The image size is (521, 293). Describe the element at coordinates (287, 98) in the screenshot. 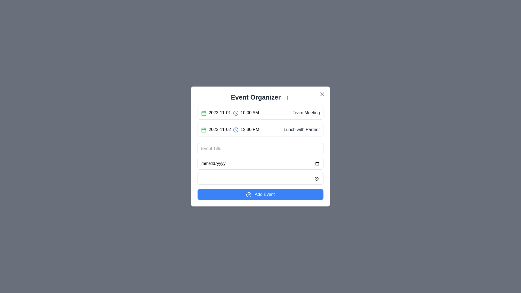

I see `the blue plus icon button located to the right of the 'Event Organizer' title` at that location.